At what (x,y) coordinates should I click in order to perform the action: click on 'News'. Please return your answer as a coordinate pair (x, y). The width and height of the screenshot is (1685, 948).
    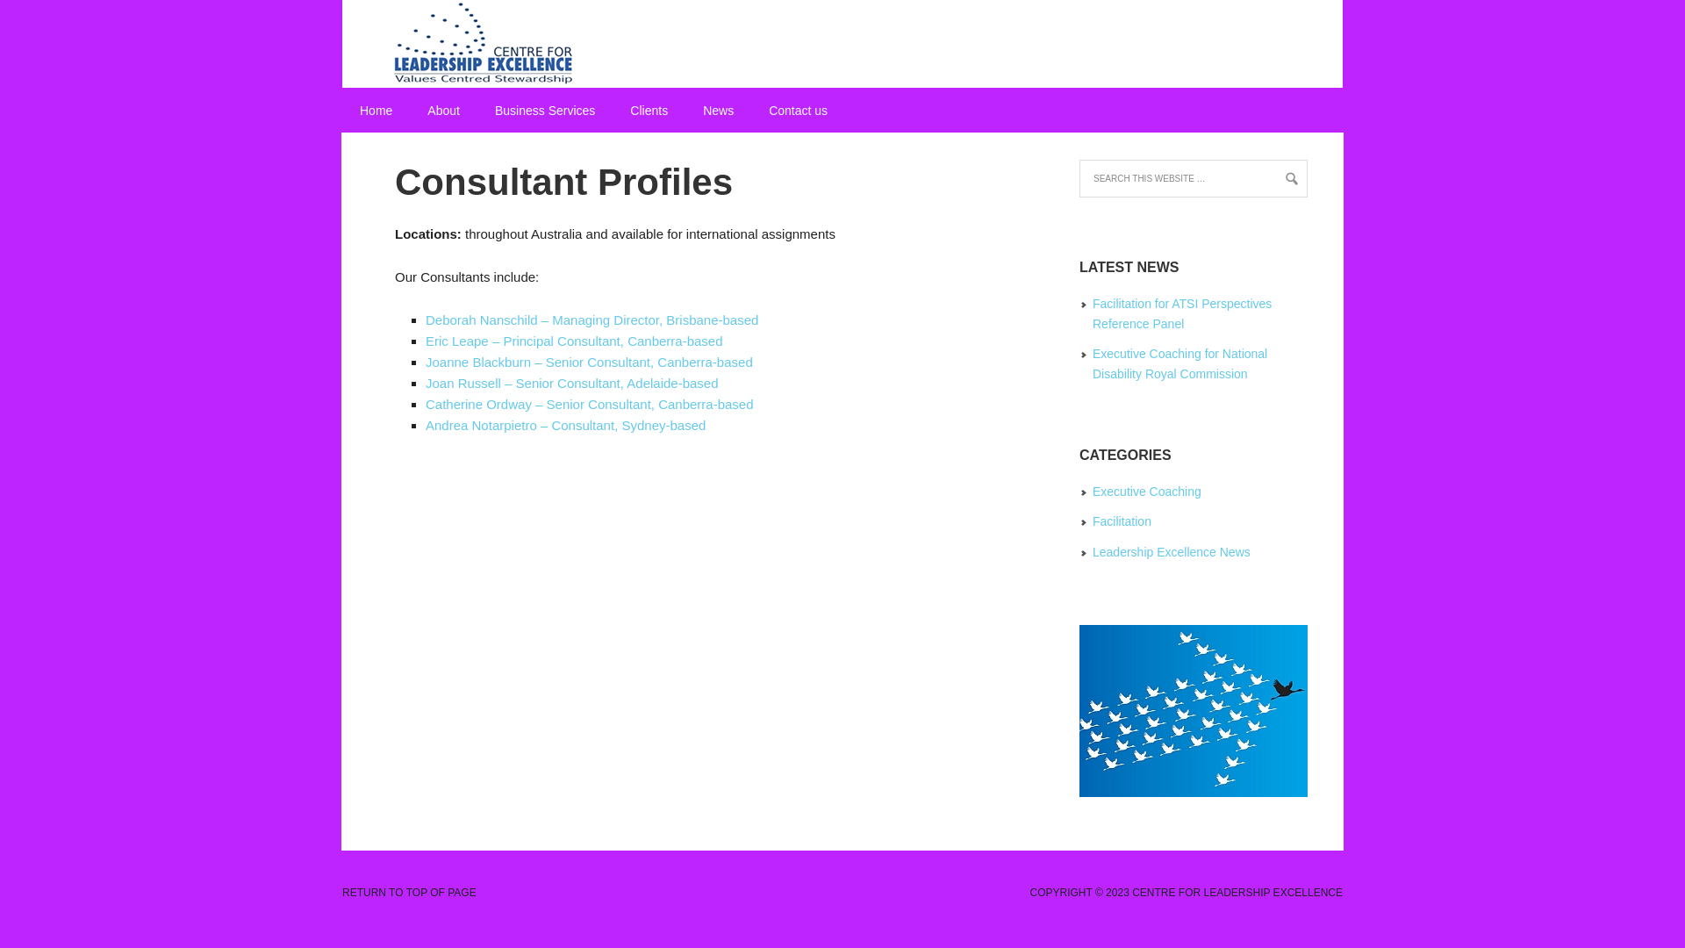
    Looking at the image, I should click on (718, 111).